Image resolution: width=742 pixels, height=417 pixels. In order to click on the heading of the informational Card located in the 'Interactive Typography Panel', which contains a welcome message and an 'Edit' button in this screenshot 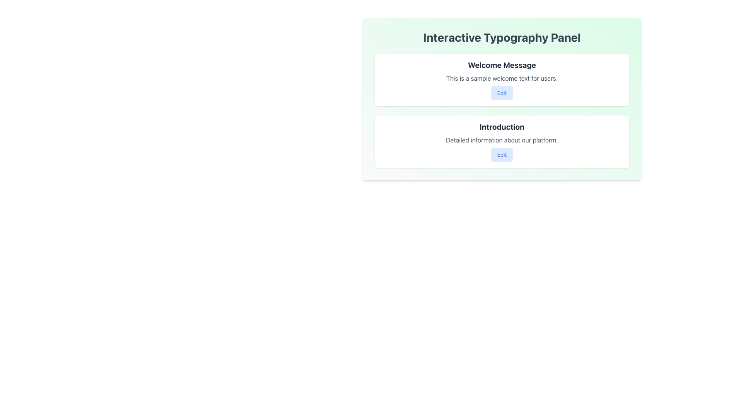, I will do `click(502, 80)`.